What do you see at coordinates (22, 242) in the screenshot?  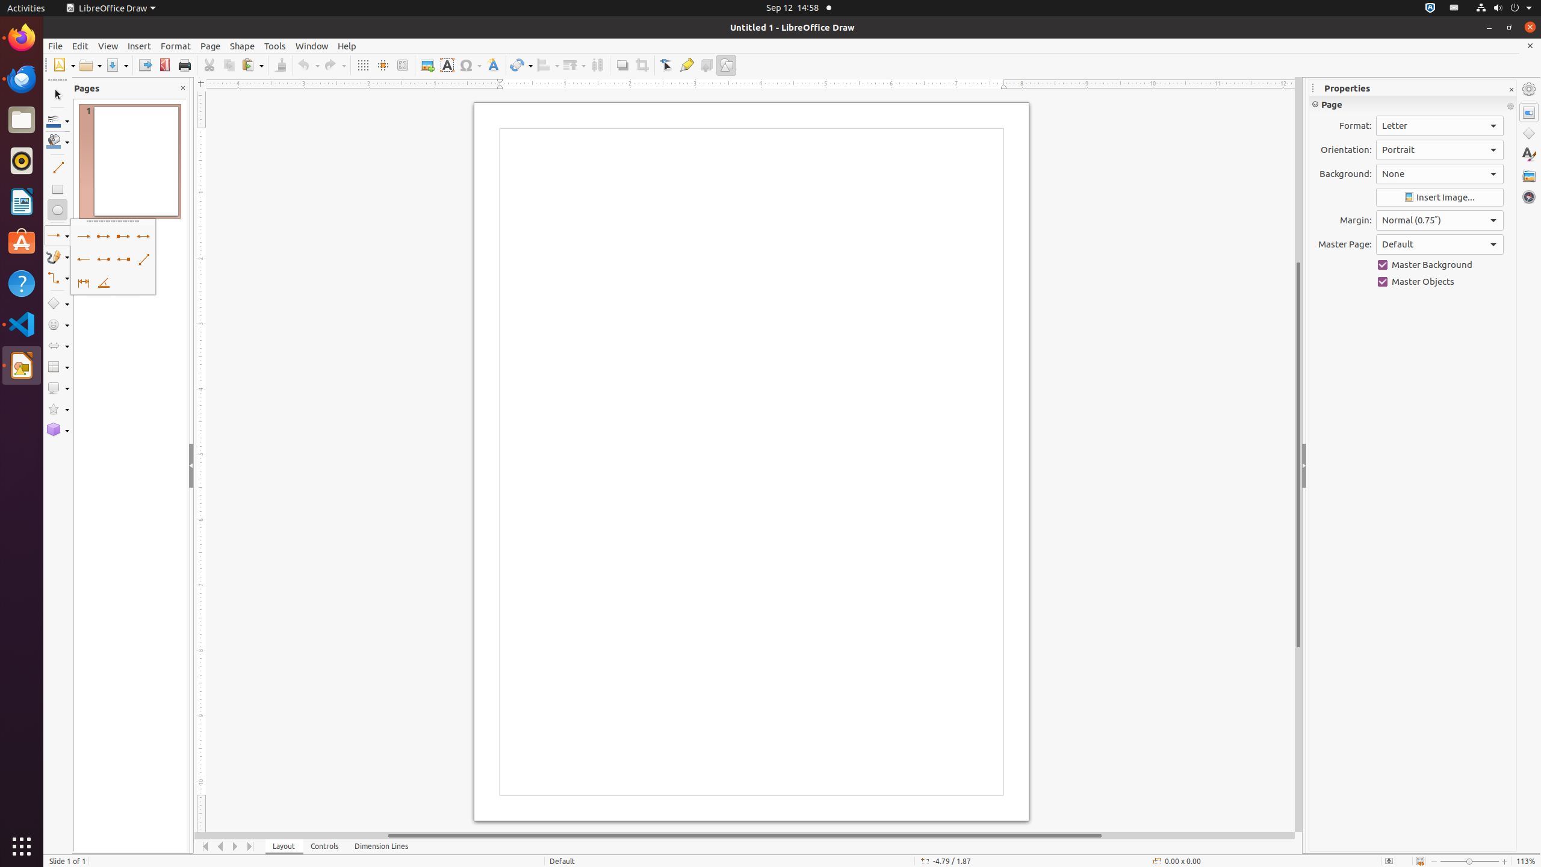 I see `'Ubuntu Software'` at bounding box center [22, 242].